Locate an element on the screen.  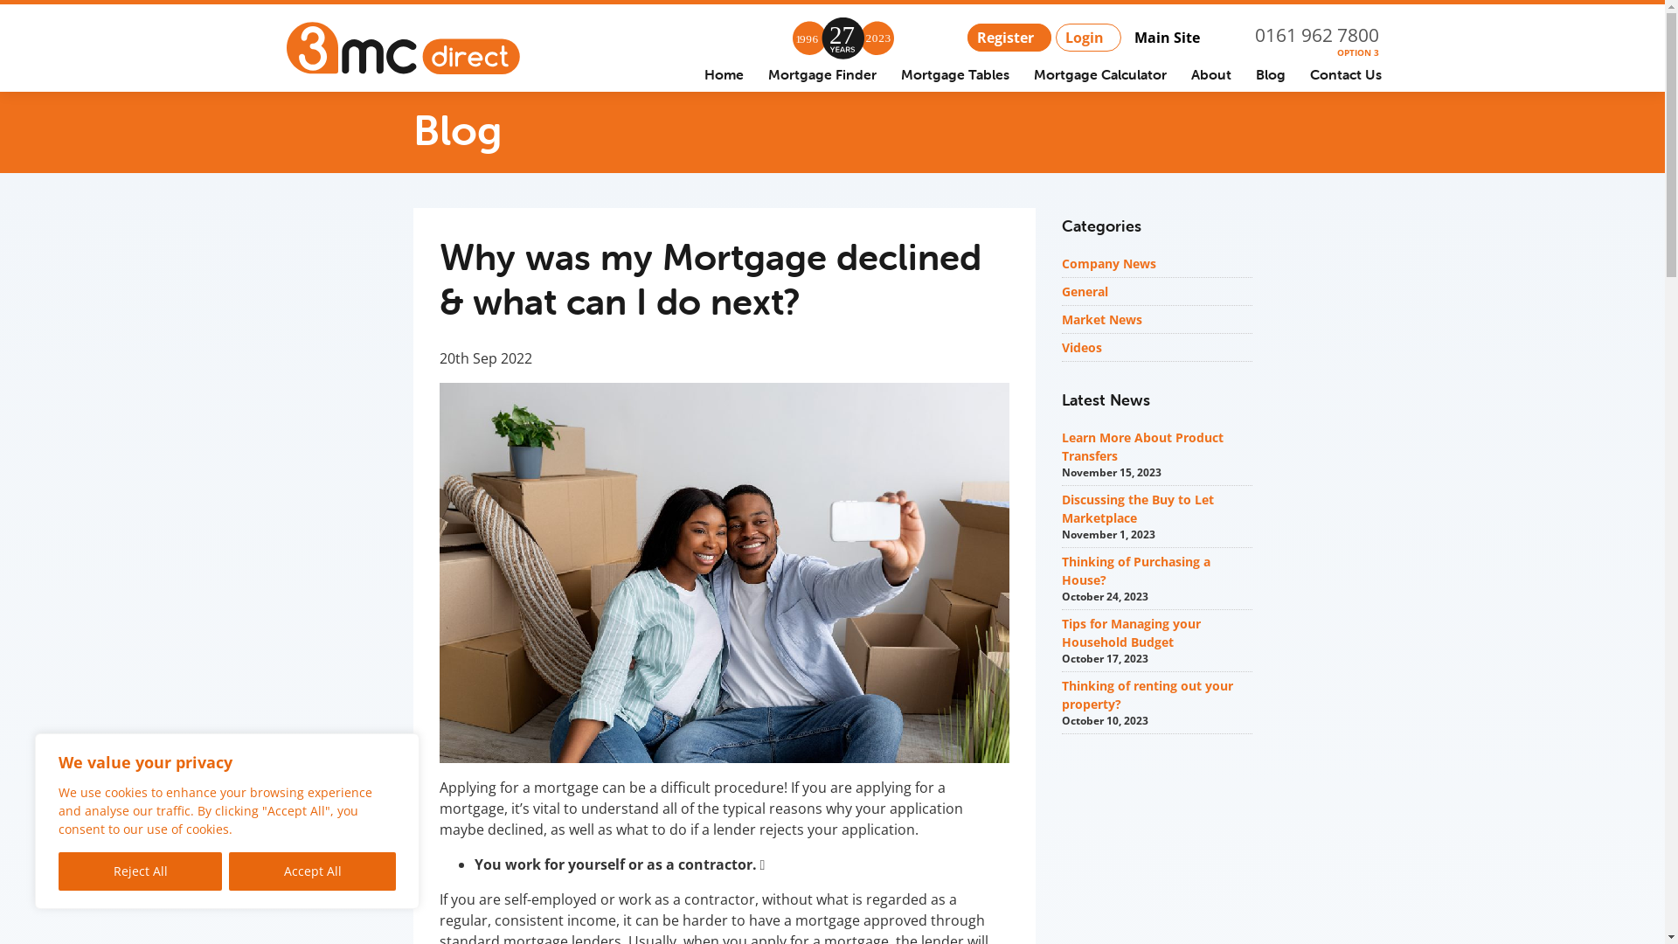
'Thinking of Purchasing a House?' is located at coordinates (1136, 570).